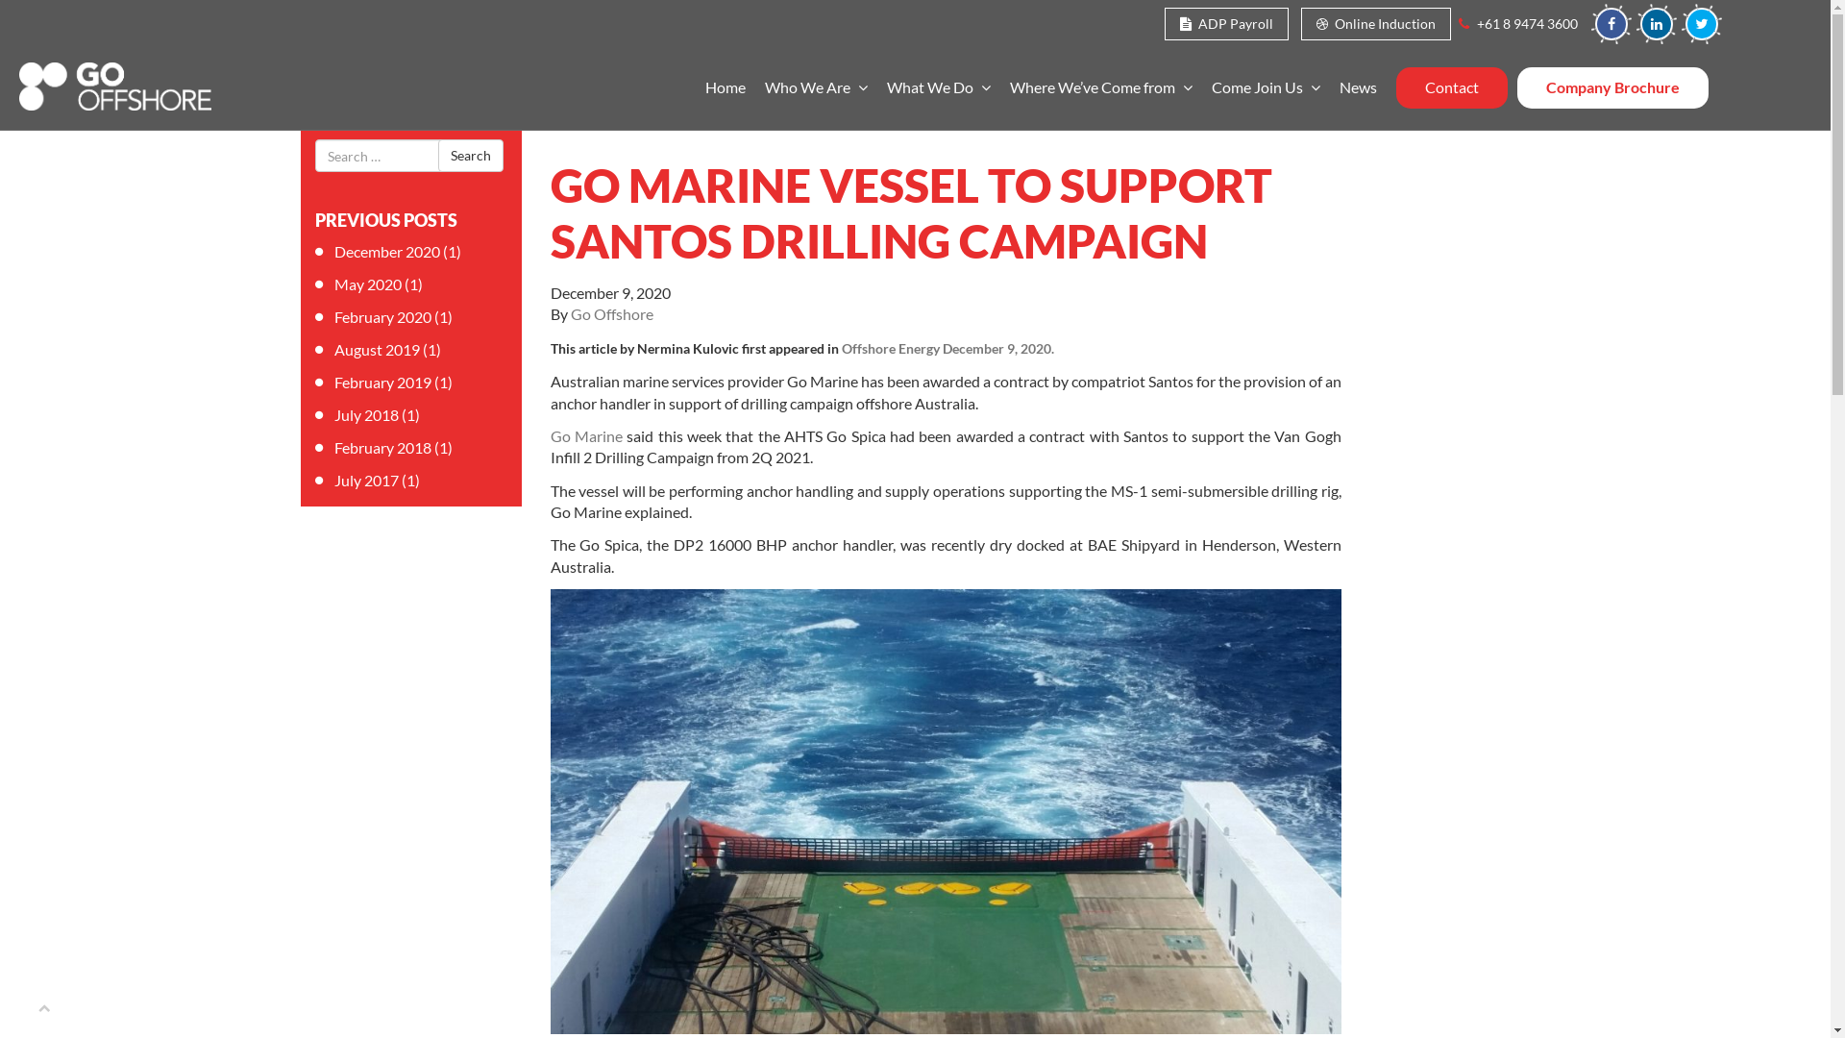  Describe the element at coordinates (1265, 88) in the screenshot. I see `'Come Join Us'` at that location.